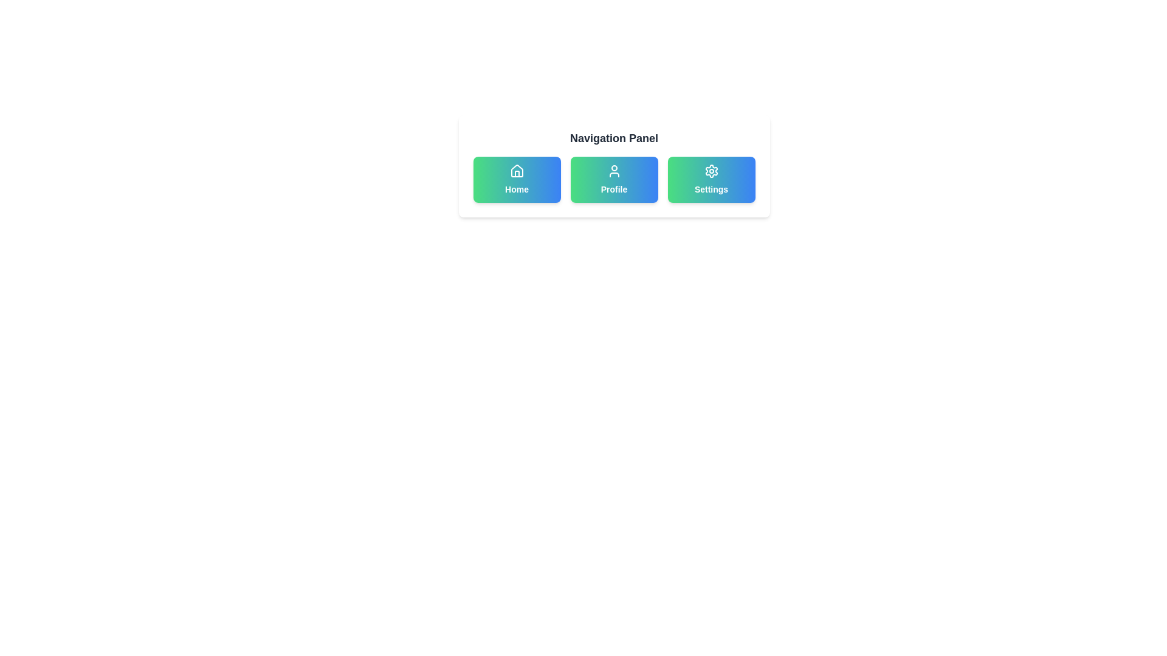 The height and width of the screenshot is (656, 1167). Describe the element at coordinates (711, 190) in the screenshot. I see `the 'Settings' label which indicates the purpose of the 'Settings' button, positioned under its icon in the navigational options` at that location.